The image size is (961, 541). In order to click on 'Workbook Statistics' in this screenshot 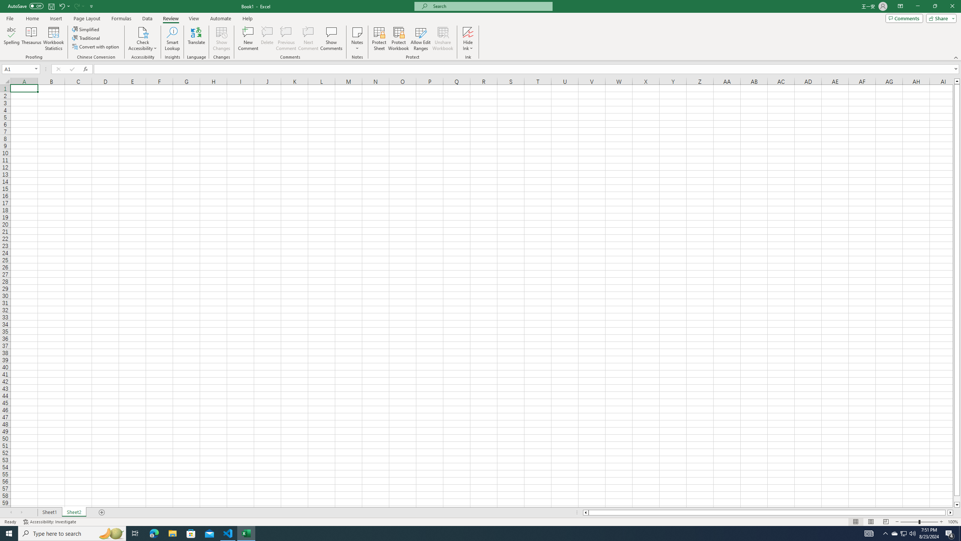, I will do `click(53, 39)`.